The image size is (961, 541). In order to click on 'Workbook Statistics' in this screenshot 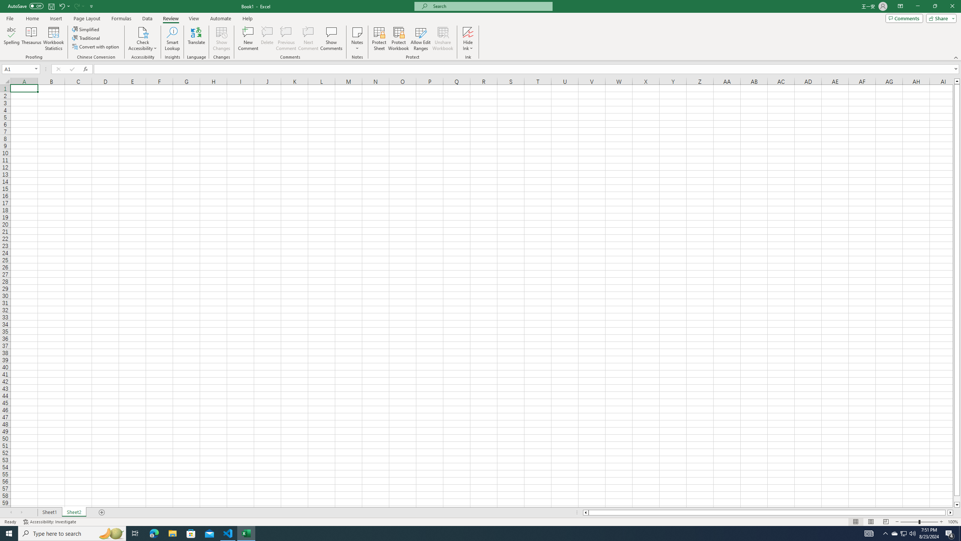, I will do `click(53, 39)`.